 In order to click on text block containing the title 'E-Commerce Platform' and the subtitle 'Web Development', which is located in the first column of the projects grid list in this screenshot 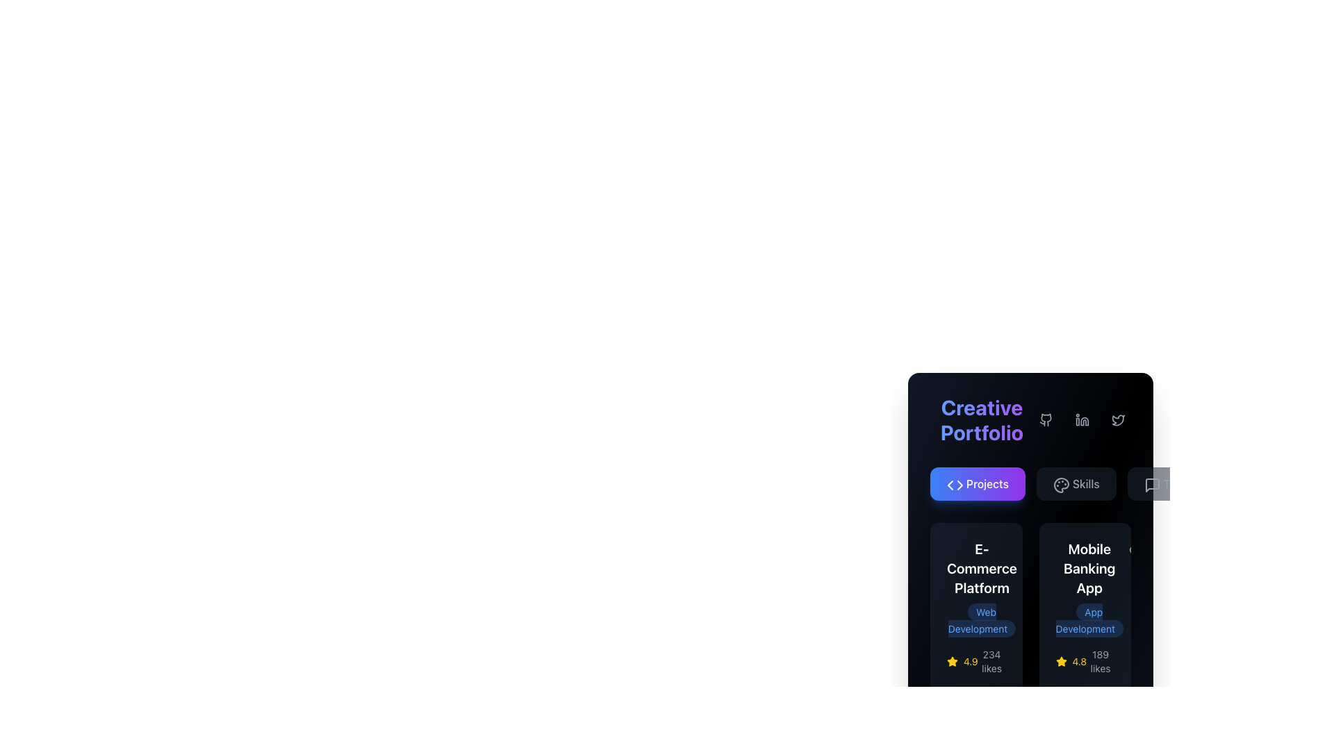, I will do `click(975, 588)`.